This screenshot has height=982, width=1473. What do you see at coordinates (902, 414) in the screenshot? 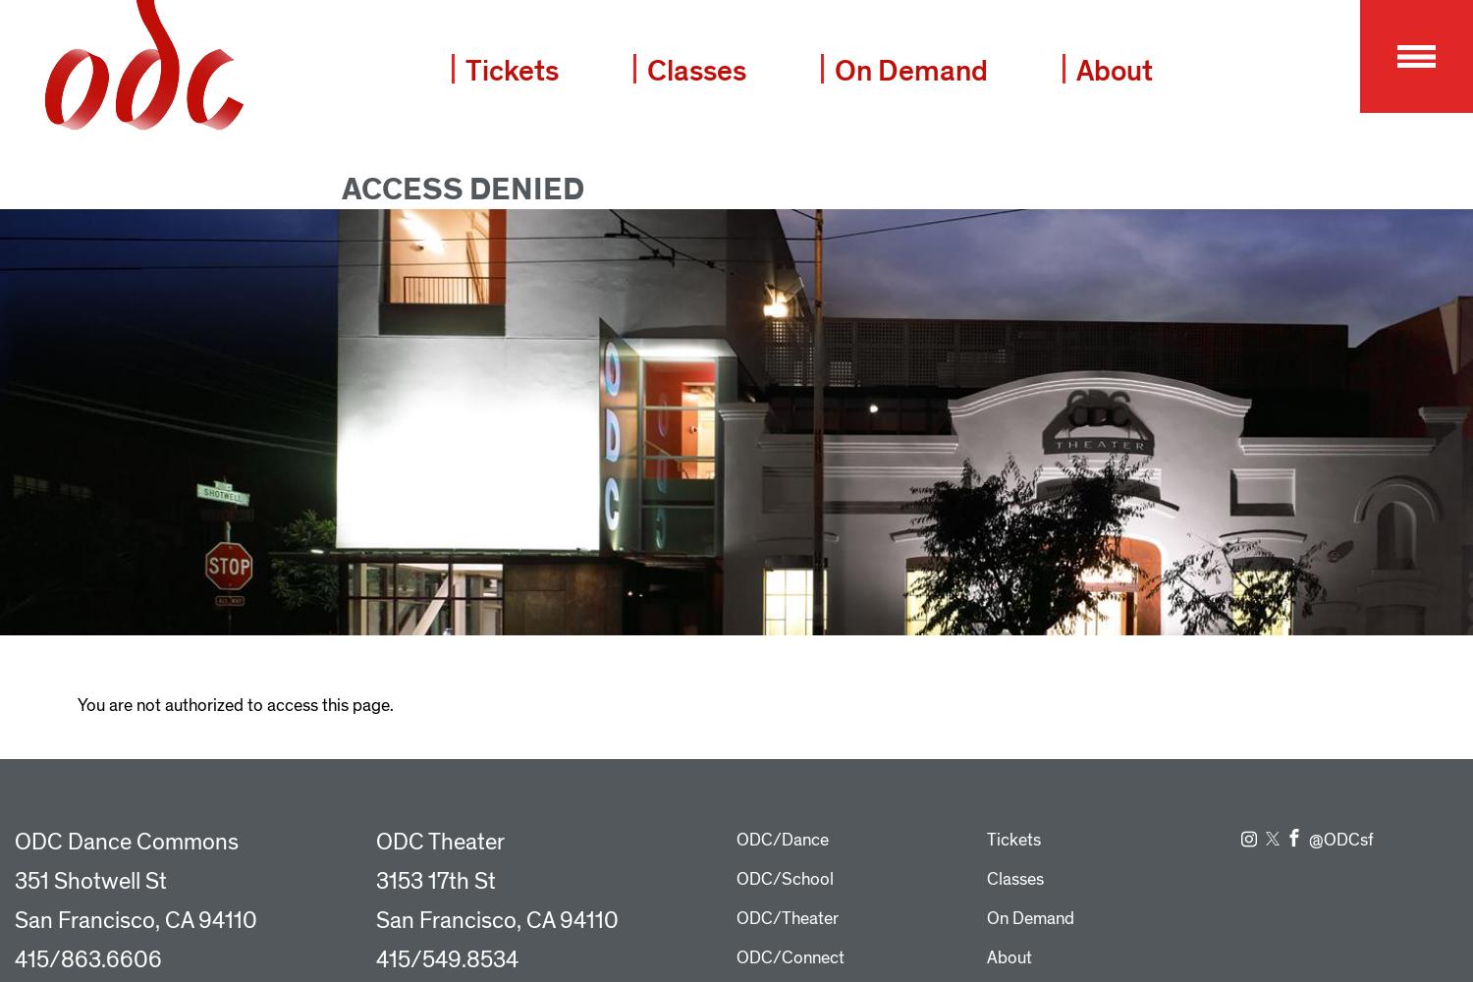
I see `'Queer and BIPOC Space Residency Initiative'` at bounding box center [902, 414].